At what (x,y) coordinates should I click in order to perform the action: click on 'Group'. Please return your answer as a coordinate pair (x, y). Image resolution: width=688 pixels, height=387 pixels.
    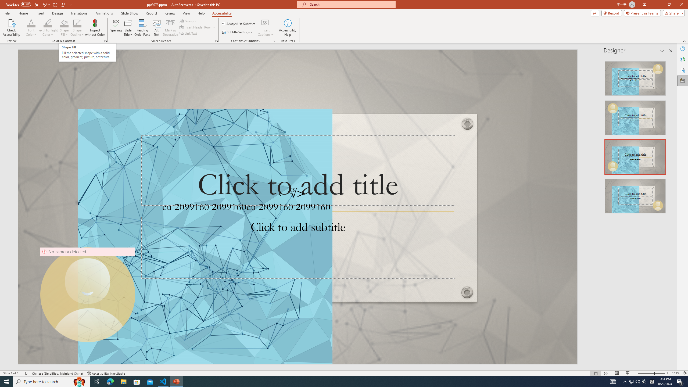
    Looking at the image, I should click on (188, 21).